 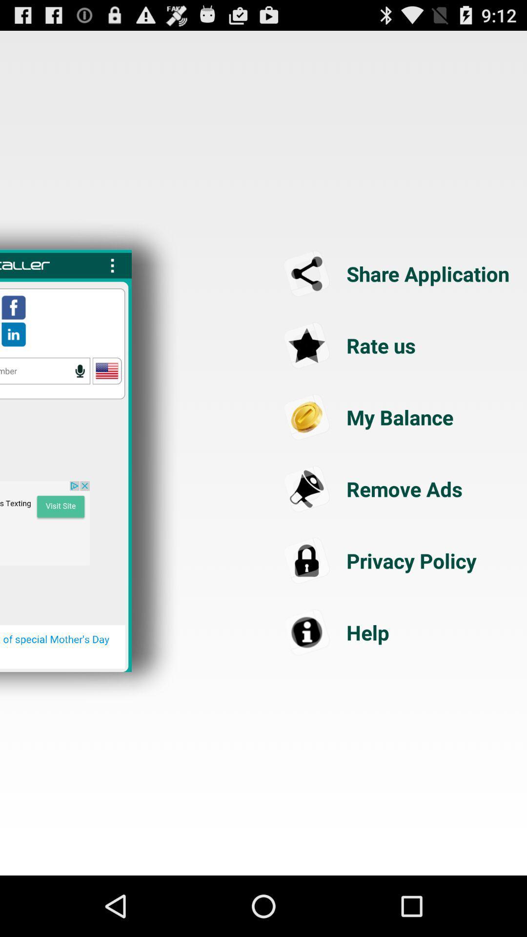 I want to click on open facebook, so click(x=14, y=307).